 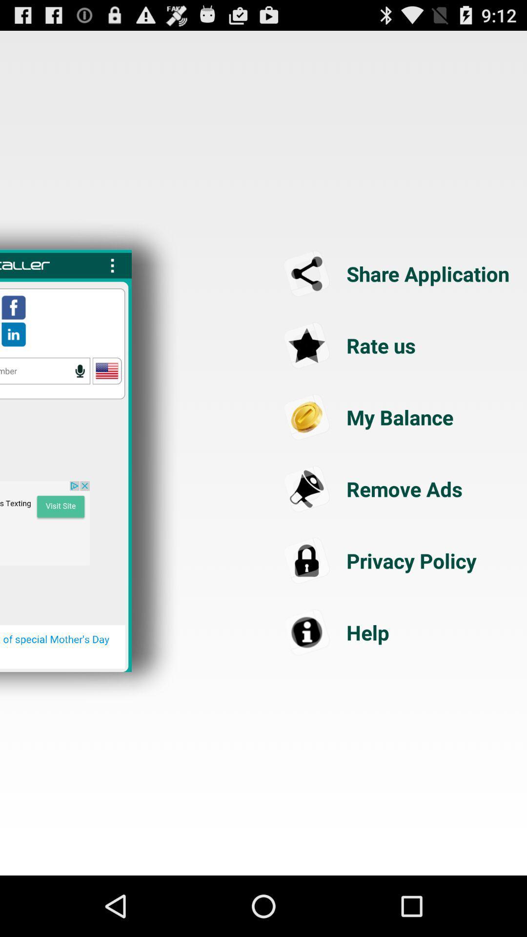 I want to click on open facebook, so click(x=14, y=307).